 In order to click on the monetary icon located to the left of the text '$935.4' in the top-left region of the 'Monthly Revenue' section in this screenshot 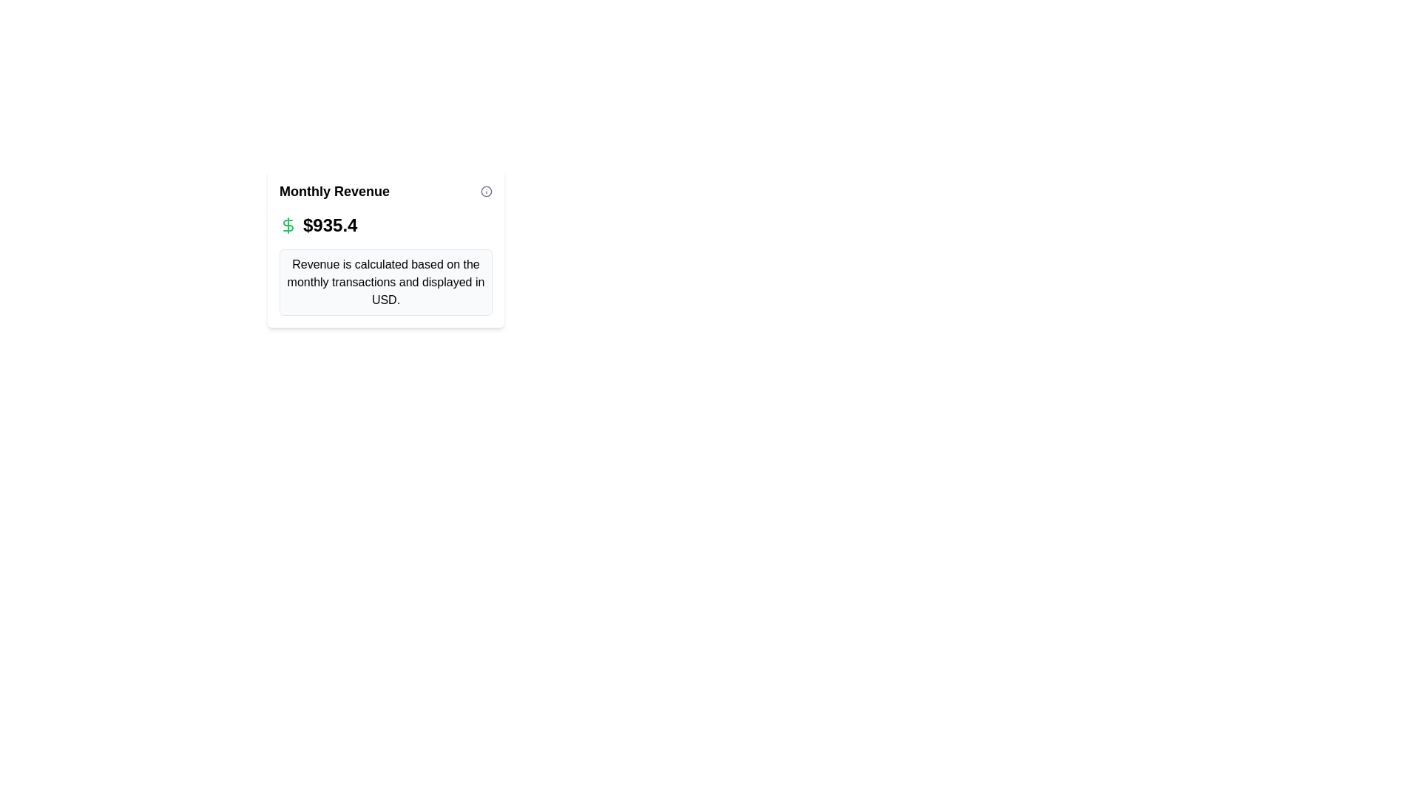, I will do `click(288, 225)`.